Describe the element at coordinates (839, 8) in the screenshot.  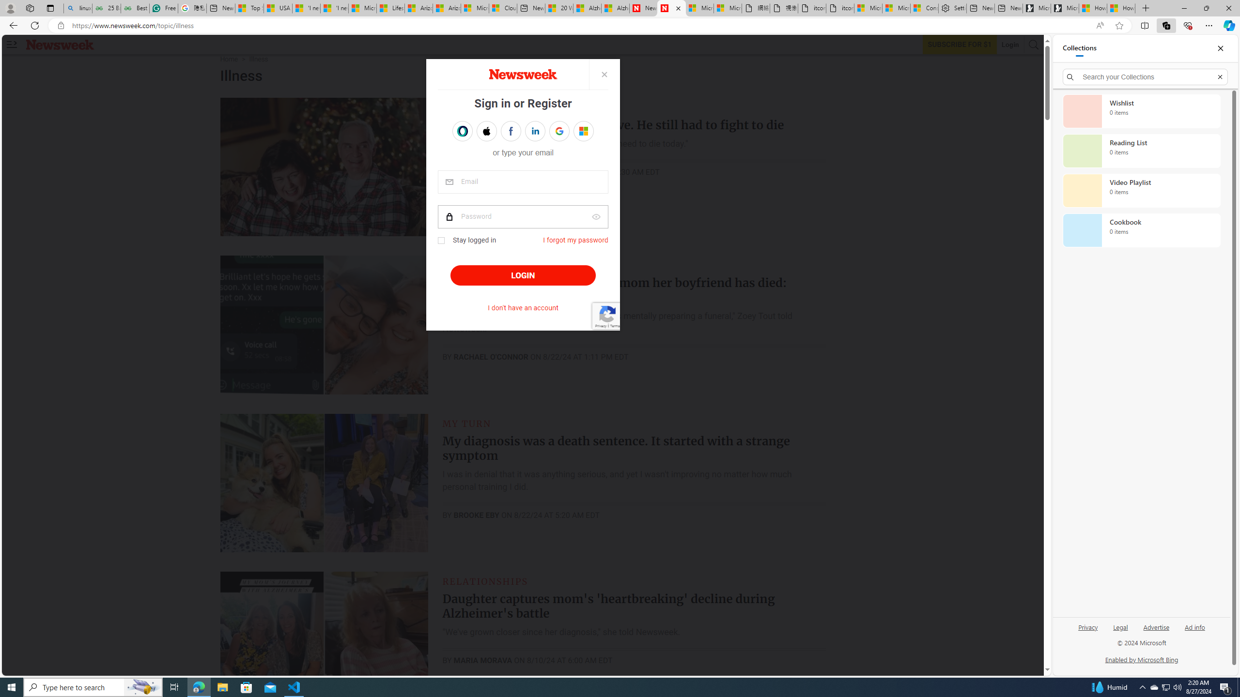
I see `'itconcepthk.com/projector_solutions.mp4'` at that location.